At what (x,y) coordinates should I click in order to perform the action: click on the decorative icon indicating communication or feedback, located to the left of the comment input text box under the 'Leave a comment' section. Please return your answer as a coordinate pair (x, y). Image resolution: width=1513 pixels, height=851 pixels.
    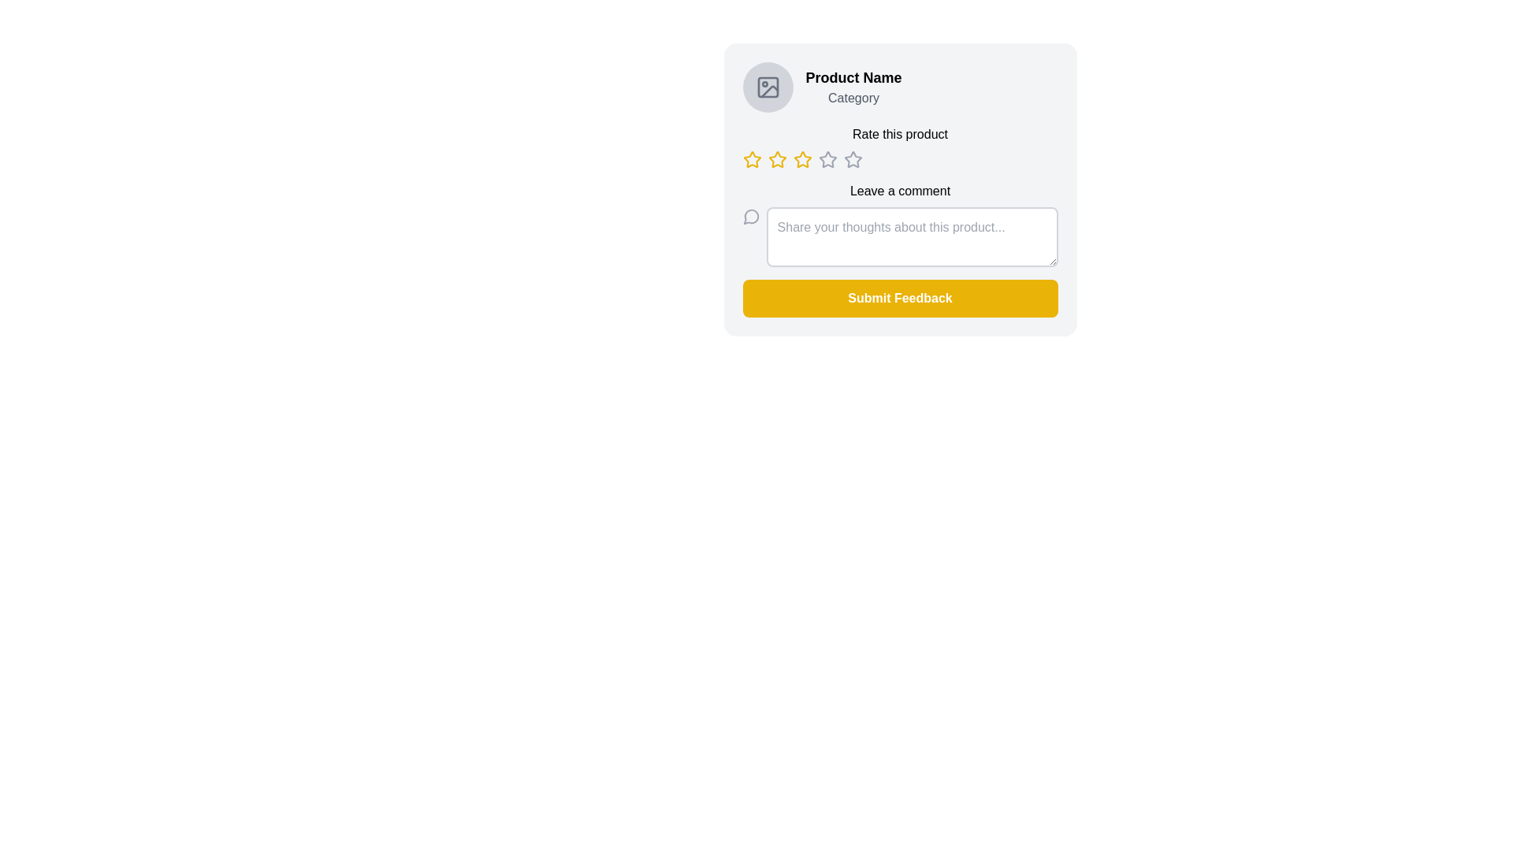
    Looking at the image, I should click on (750, 216).